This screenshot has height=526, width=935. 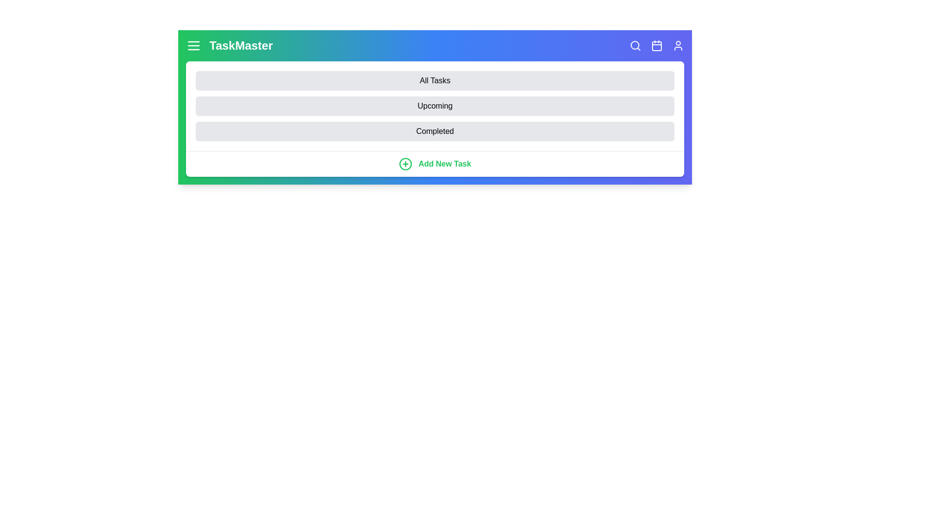 I want to click on the task category All Tasks to select it, so click(x=434, y=80).